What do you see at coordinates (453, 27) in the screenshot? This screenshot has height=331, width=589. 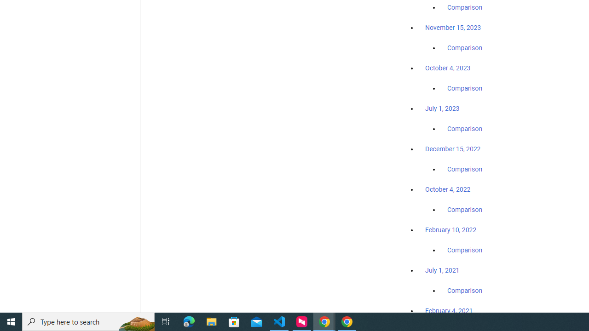 I see `'November 15, 2023'` at bounding box center [453, 27].